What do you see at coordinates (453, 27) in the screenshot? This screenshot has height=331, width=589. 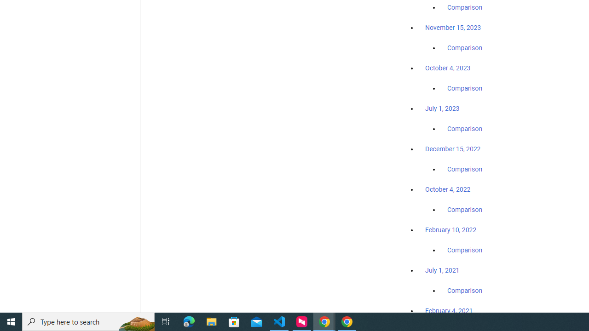 I see `'November 15, 2023'` at bounding box center [453, 27].